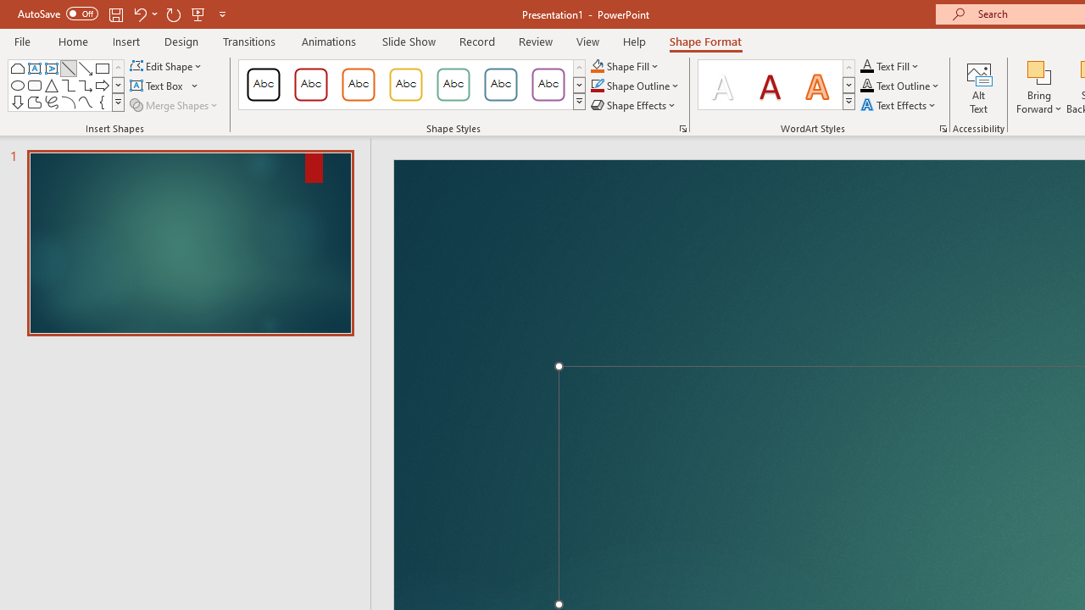  What do you see at coordinates (175, 105) in the screenshot?
I see `'Merge Shapes'` at bounding box center [175, 105].